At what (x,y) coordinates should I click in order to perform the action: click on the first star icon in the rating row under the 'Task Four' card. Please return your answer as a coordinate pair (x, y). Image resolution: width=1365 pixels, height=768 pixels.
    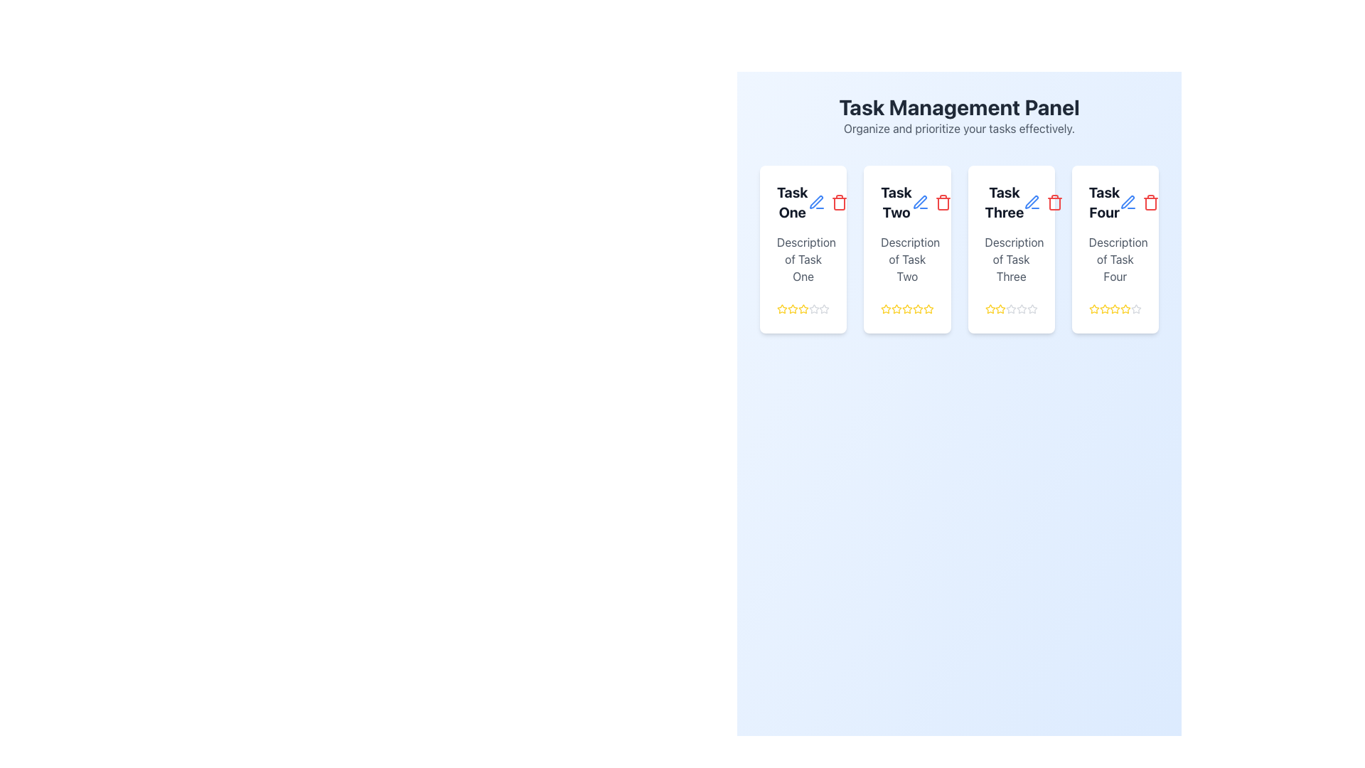
    Looking at the image, I should click on (1093, 309).